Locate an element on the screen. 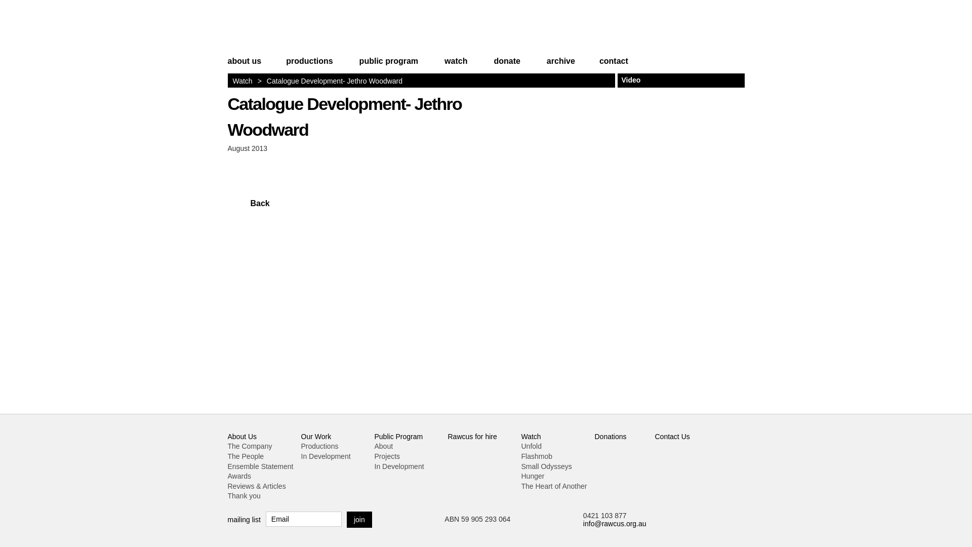 Image resolution: width=972 pixels, height=547 pixels. 'Our Work' is located at coordinates (315, 436).